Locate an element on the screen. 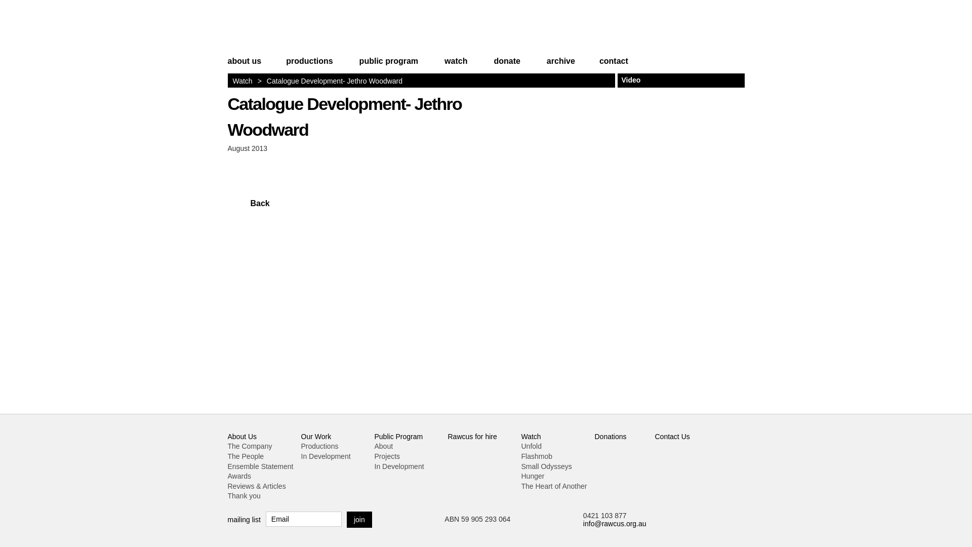 Image resolution: width=972 pixels, height=547 pixels. 'Our Work' is located at coordinates (315, 436).